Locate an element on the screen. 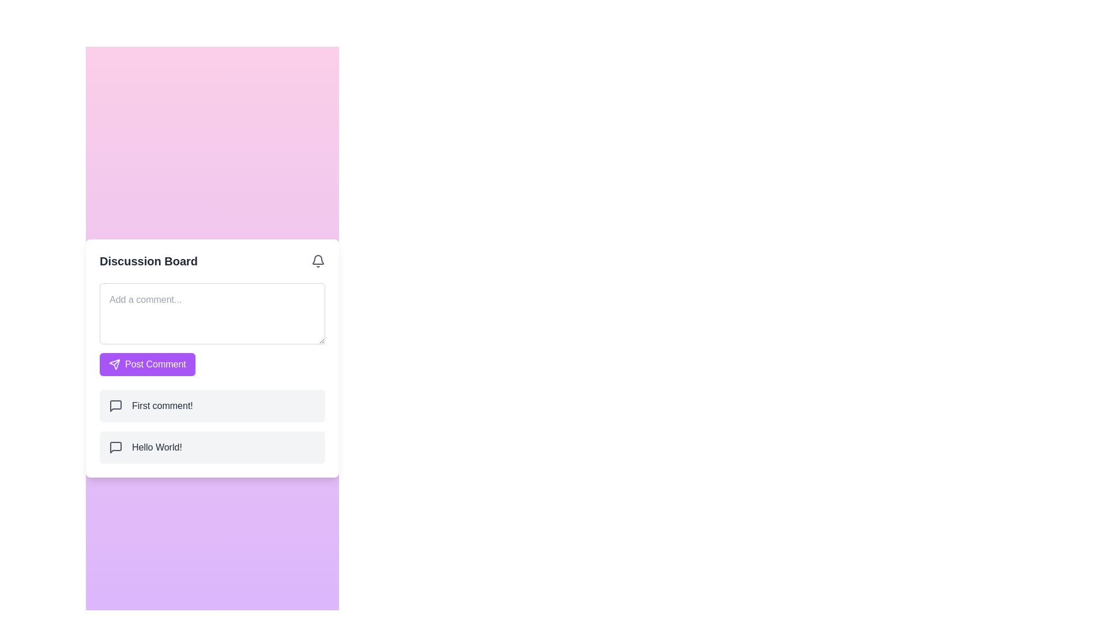  the speech bubble icon with a gray outline located to the left of the text 'First comment!' in the comment component is located at coordinates (116, 405).